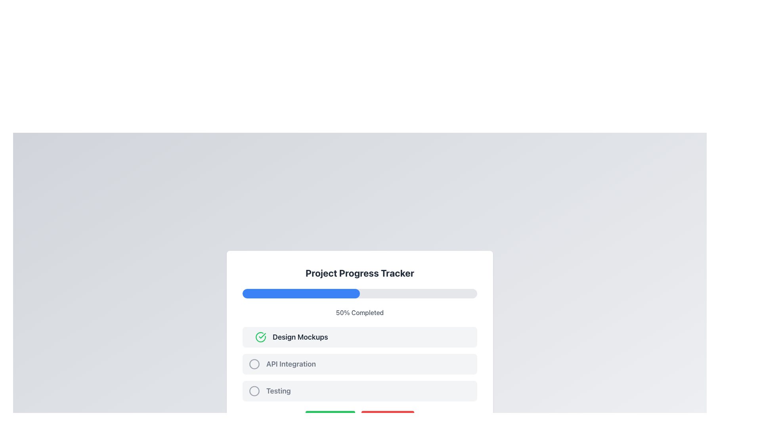 Image resolution: width=761 pixels, height=428 pixels. I want to click on the 'Decrease' button in the grouped button element with green and red buttons labeled 'Increase' and 'Decrease' to decrement the value or progress, so click(359, 418).